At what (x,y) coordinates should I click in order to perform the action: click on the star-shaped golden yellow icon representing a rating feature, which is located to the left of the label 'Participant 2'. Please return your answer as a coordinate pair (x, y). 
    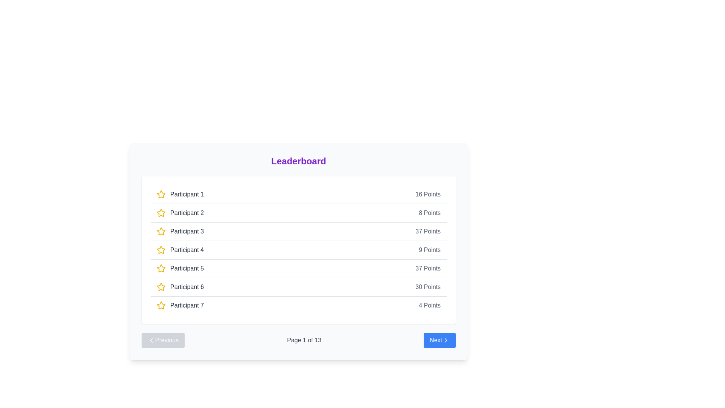
    Looking at the image, I should click on (161, 213).